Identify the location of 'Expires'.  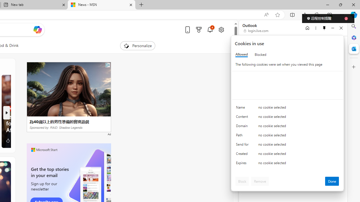
(243, 164).